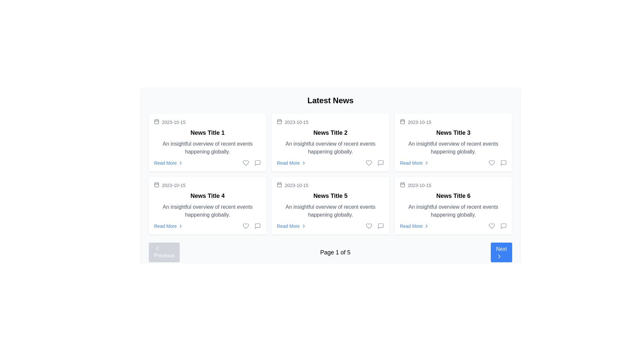  Describe the element at coordinates (279, 185) in the screenshot. I see `the calendar icon located in the second row of the grid structure under the Latest News section, specifically in the fifth news card, to indicate the adjacent date text '2023-10-15'` at that location.